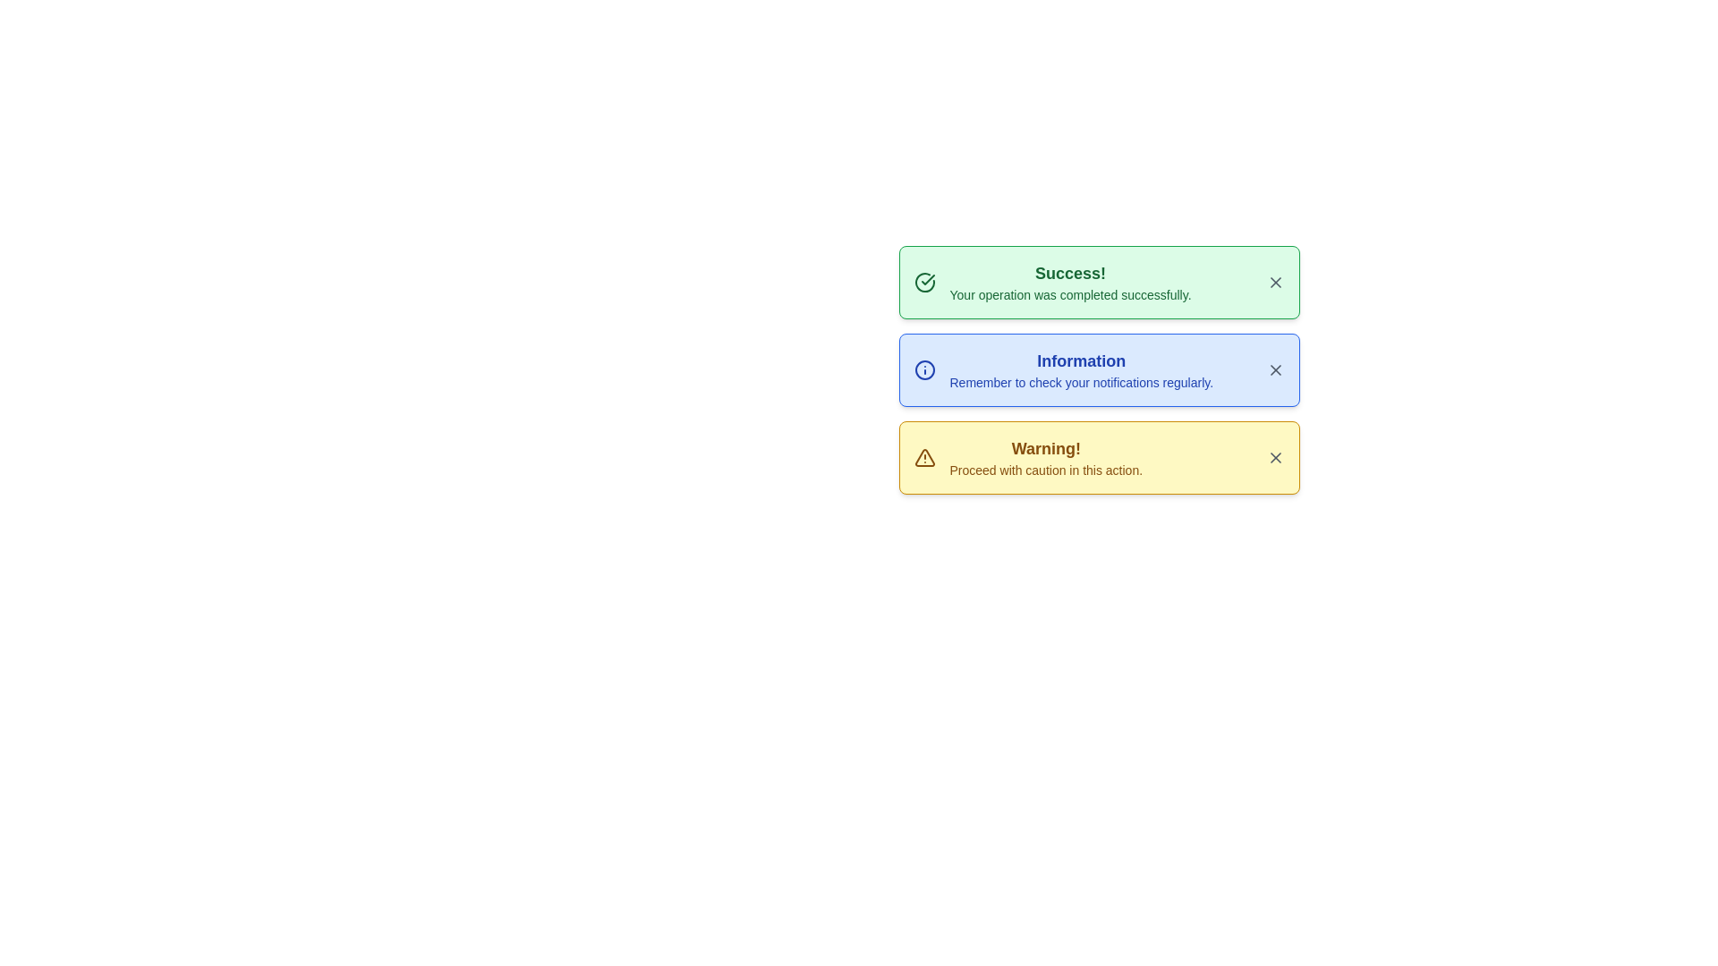 The height and width of the screenshot is (966, 1718). What do you see at coordinates (1046, 447) in the screenshot?
I see `the 'Warning!' text label, which is bold, large, and dark brown, located at the top of a yellow warning message box` at bounding box center [1046, 447].